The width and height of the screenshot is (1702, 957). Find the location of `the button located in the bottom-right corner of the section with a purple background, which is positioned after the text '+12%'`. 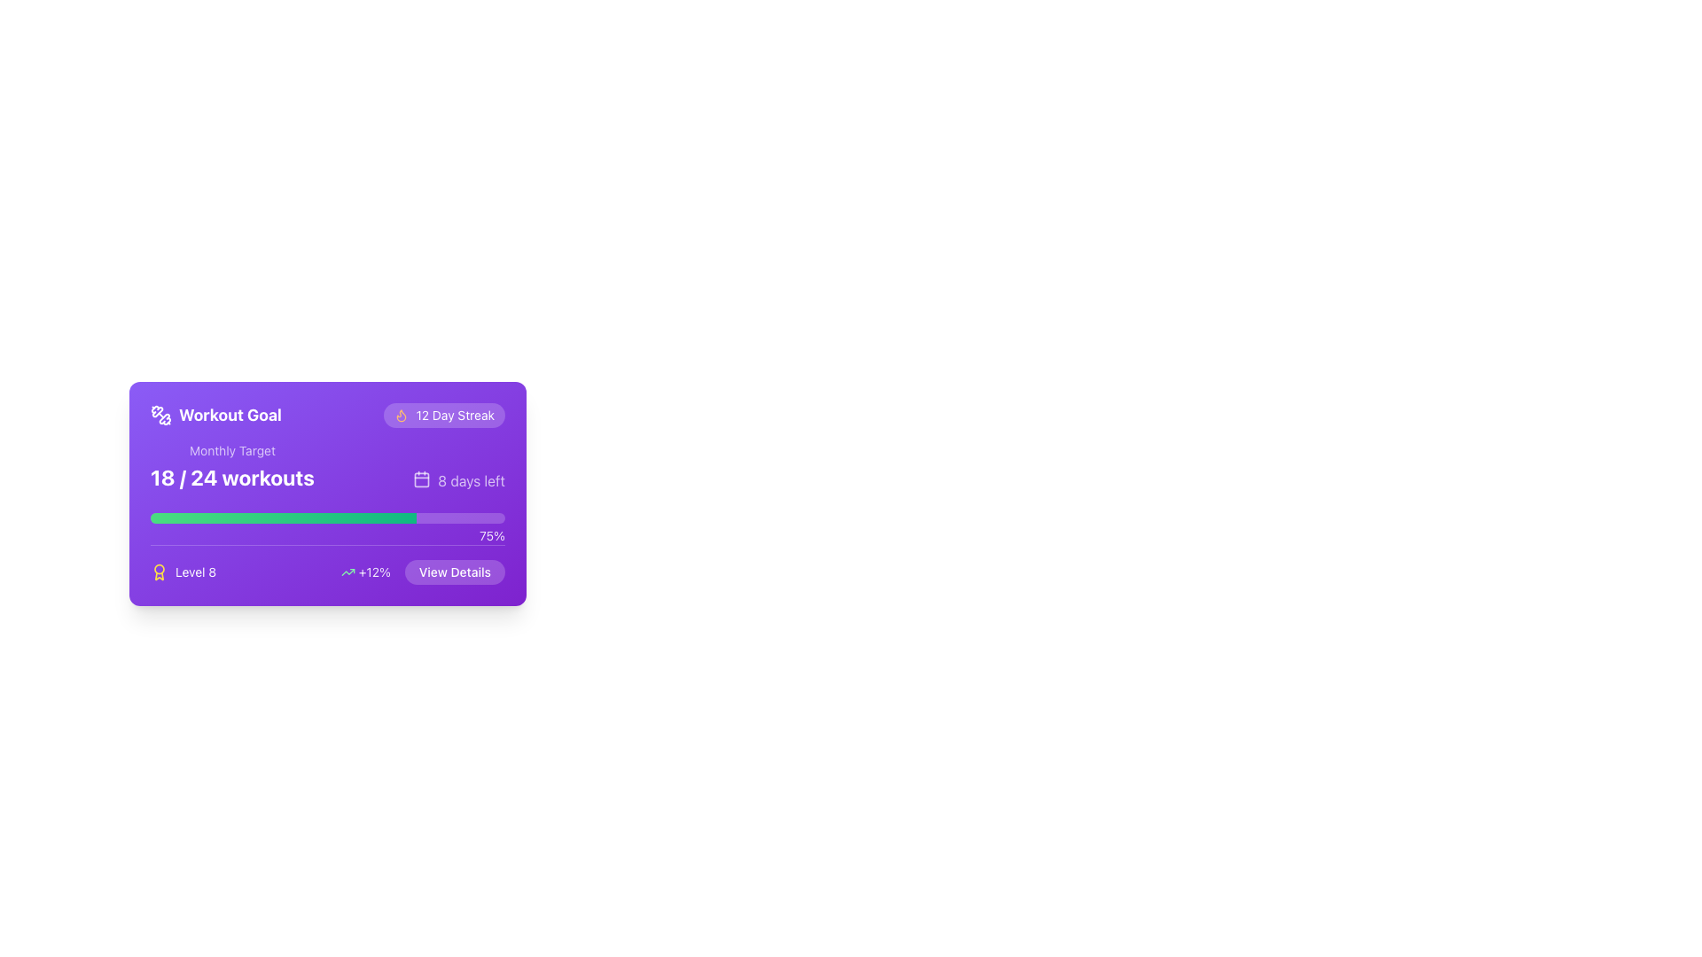

the button located in the bottom-right corner of the section with a purple background, which is positioned after the text '+12%' is located at coordinates (455, 572).